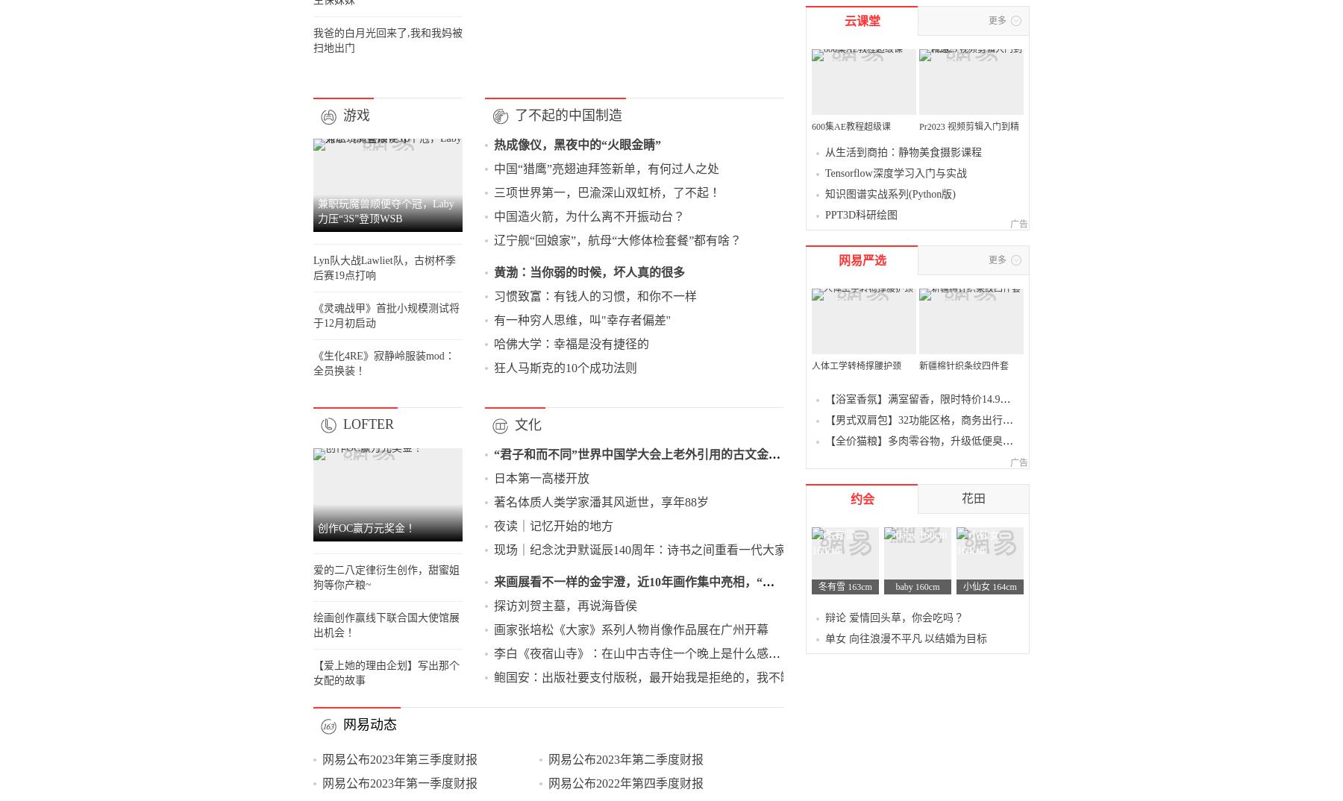 The height and width of the screenshot is (801, 1343). What do you see at coordinates (645, 680) in the screenshot?
I see `'有一种穷人思维，叫"幸存者偏差"'` at bounding box center [645, 680].